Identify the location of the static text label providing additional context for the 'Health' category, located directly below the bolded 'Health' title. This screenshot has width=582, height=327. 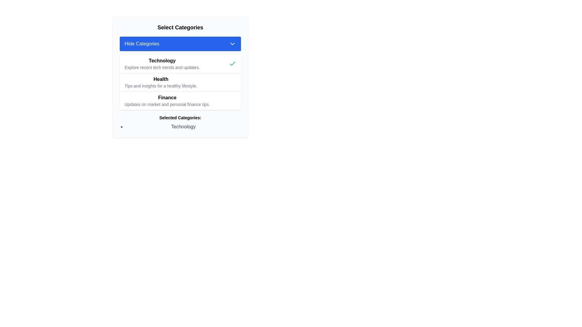
(161, 86).